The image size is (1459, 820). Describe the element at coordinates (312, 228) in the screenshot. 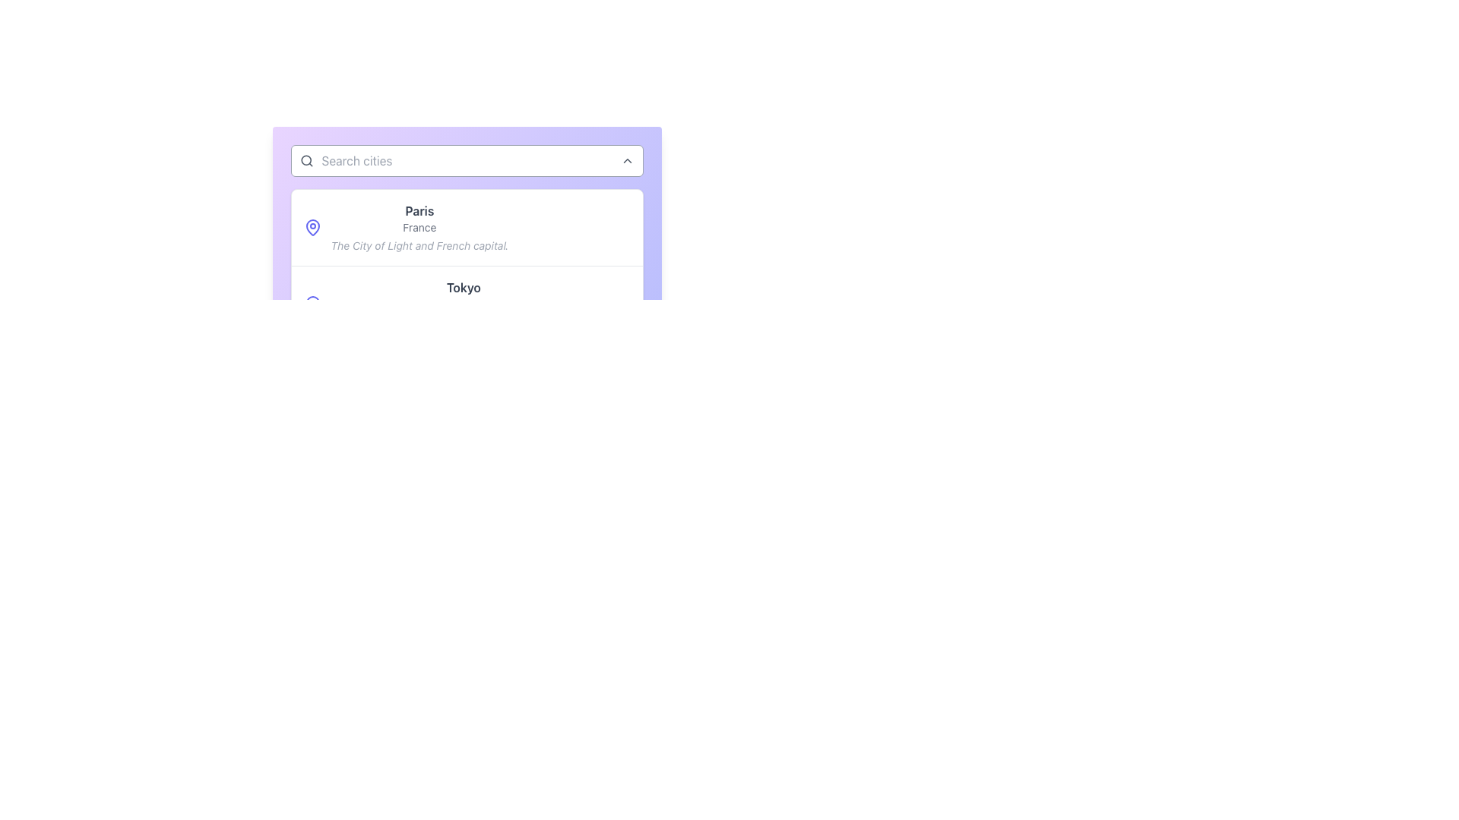

I see `the indigo map pin icon located on the left side of the list item labeled 'Paris, France' in the dropdown selection menu` at that location.